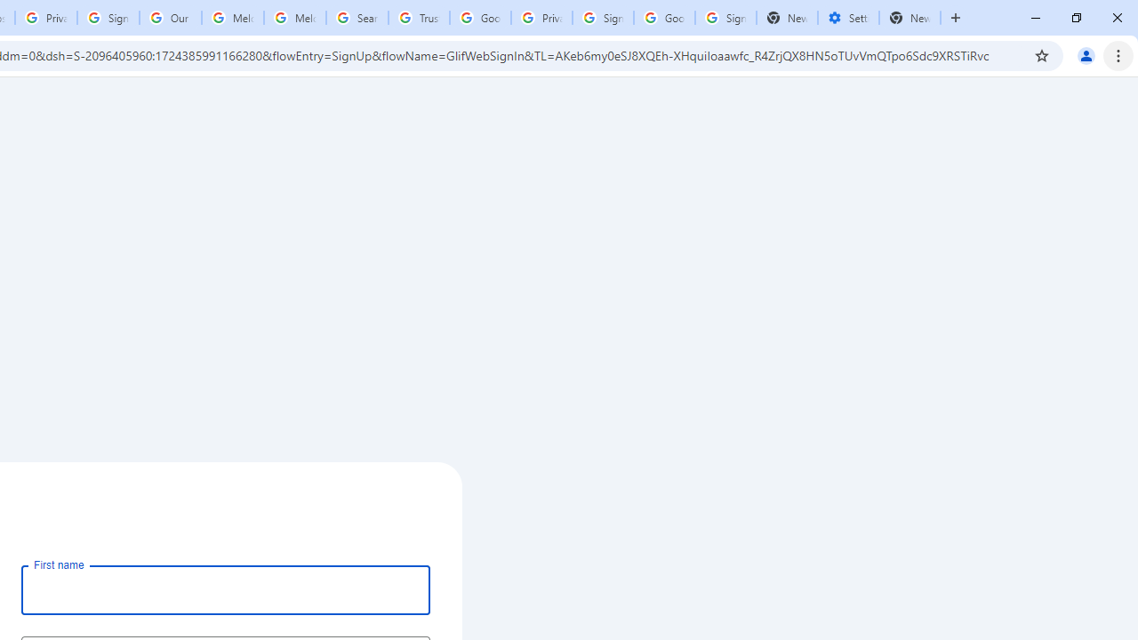 The image size is (1138, 640). What do you see at coordinates (225, 589) in the screenshot?
I see `'First name'` at bounding box center [225, 589].